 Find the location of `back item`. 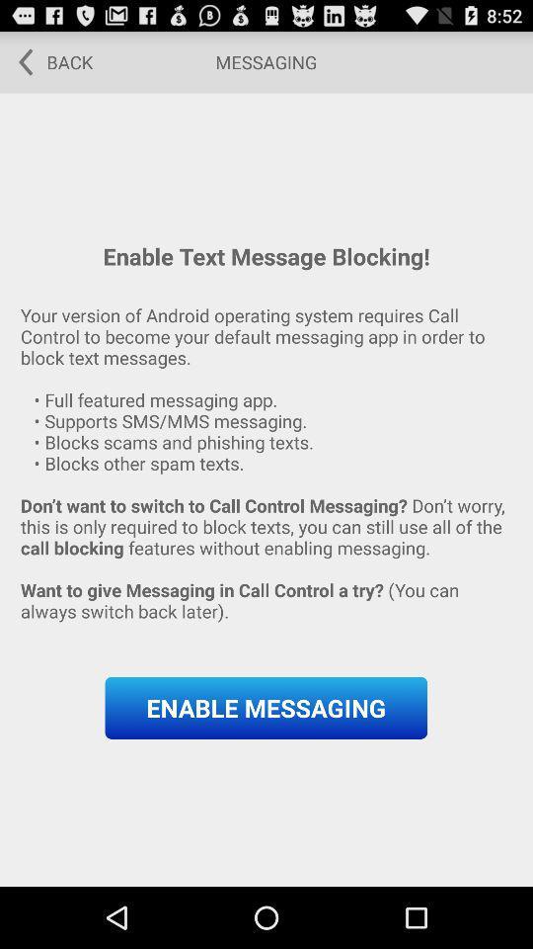

back item is located at coordinates (48, 61).